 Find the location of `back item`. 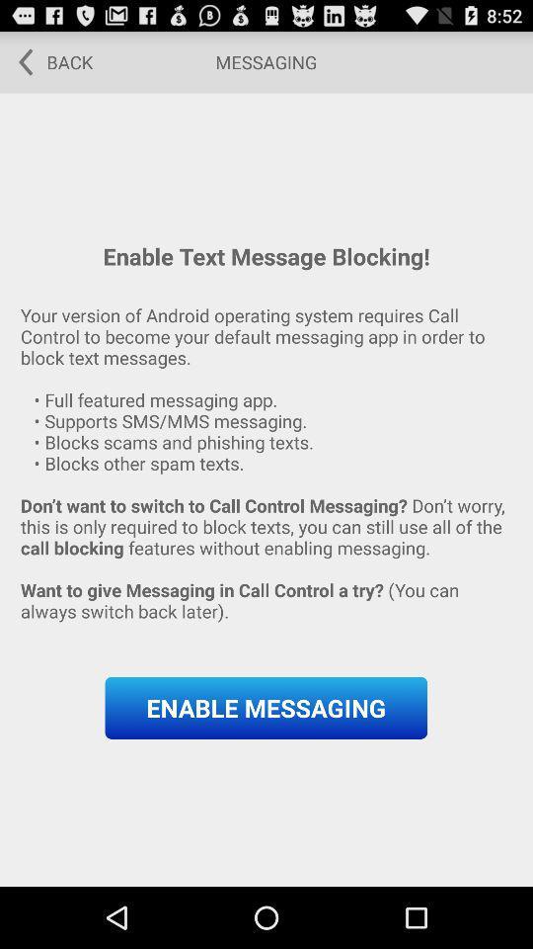

back item is located at coordinates (48, 61).